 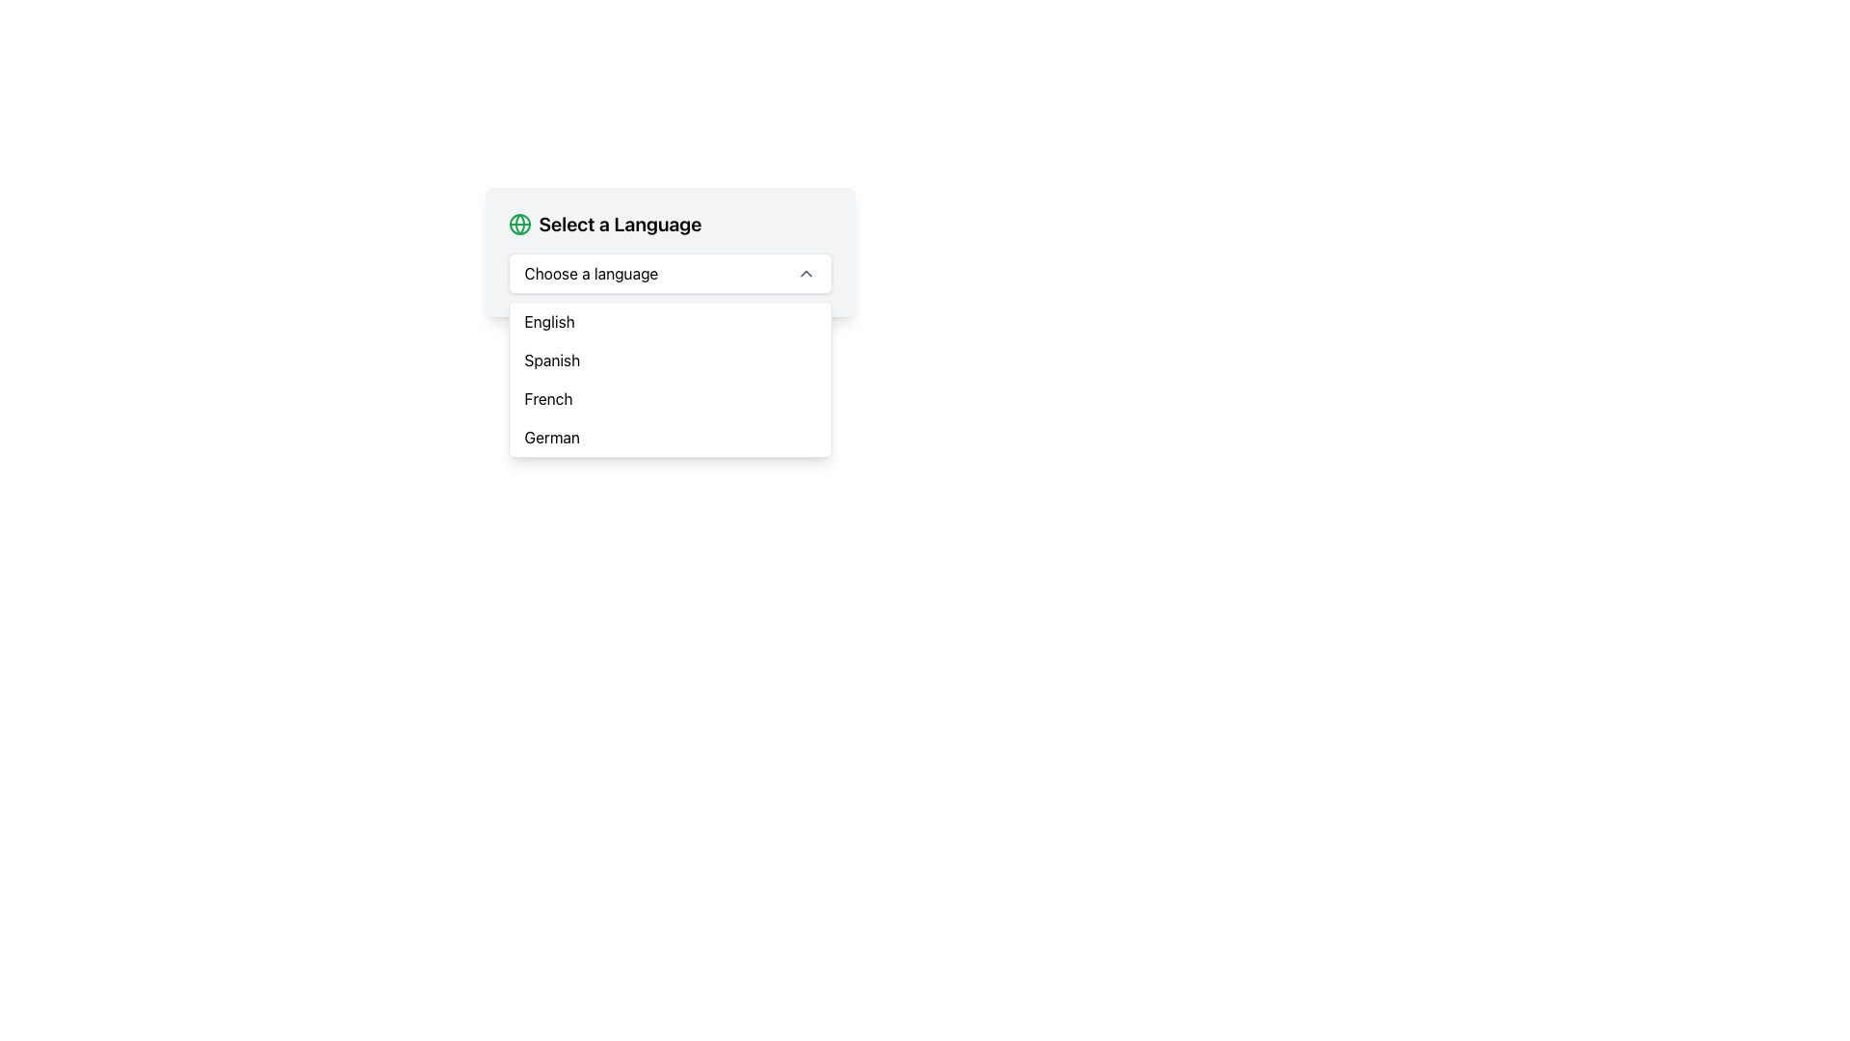 I want to click on the globe icon, which is green and located to the left of the text 'Select a Language', so click(x=519, y=223).